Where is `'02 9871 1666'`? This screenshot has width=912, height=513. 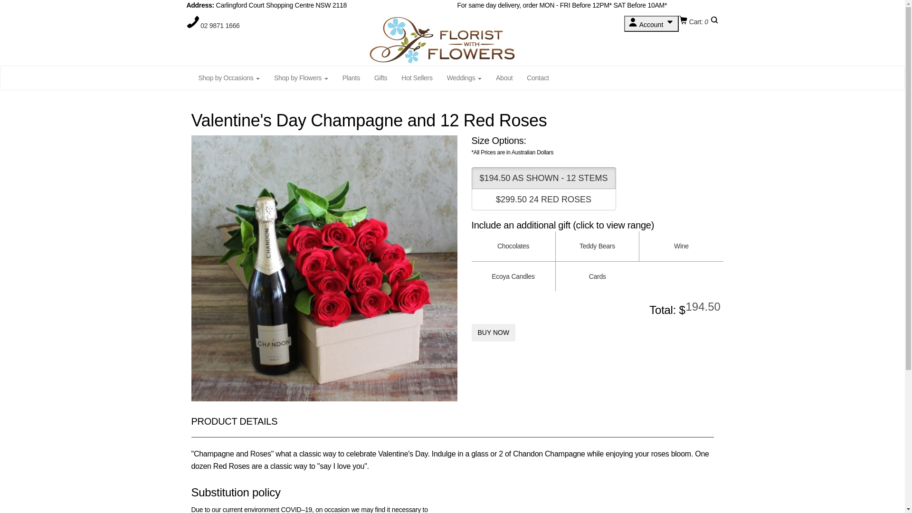
'02 9871 1666' is located at coordinates (200, 25).